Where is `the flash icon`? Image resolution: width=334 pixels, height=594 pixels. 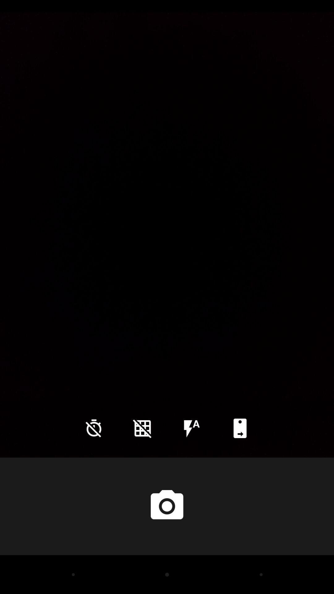 the flash icon is located at coordinates (191, 428).